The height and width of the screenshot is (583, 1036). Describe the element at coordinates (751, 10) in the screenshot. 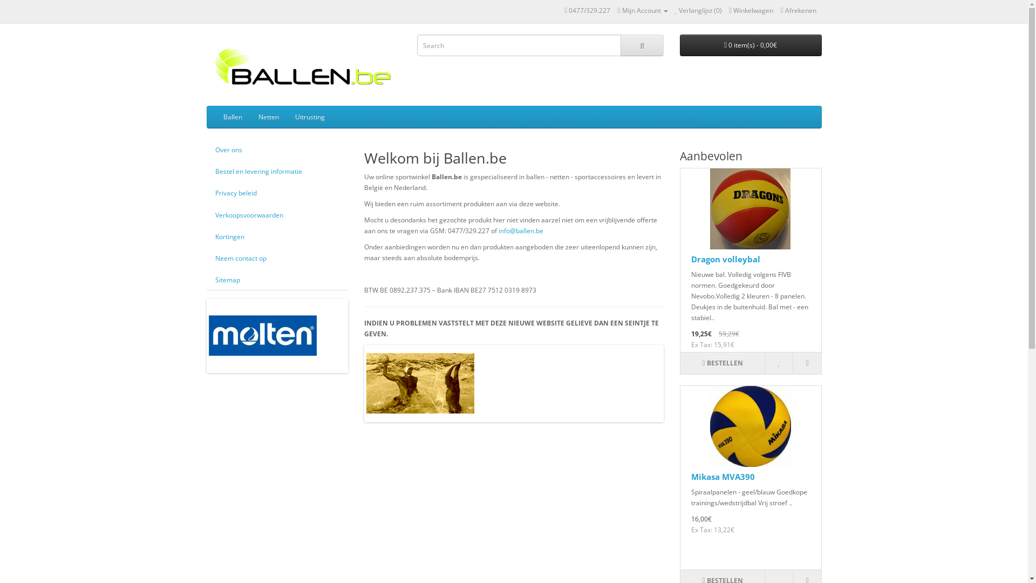

I see `'Winkelwagen'` at that location.